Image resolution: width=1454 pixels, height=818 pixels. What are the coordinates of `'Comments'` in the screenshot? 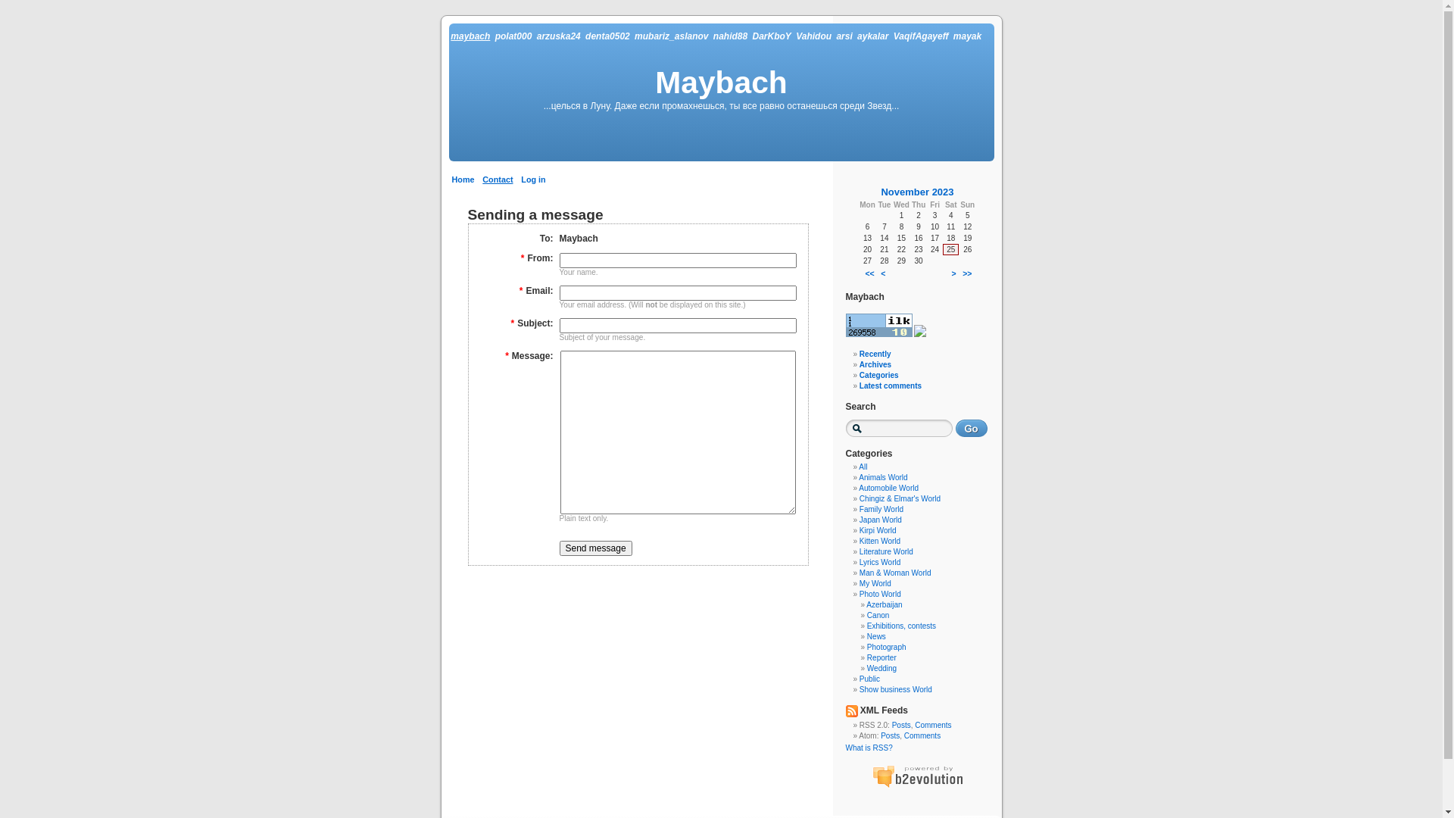 It's located at (932, 724).